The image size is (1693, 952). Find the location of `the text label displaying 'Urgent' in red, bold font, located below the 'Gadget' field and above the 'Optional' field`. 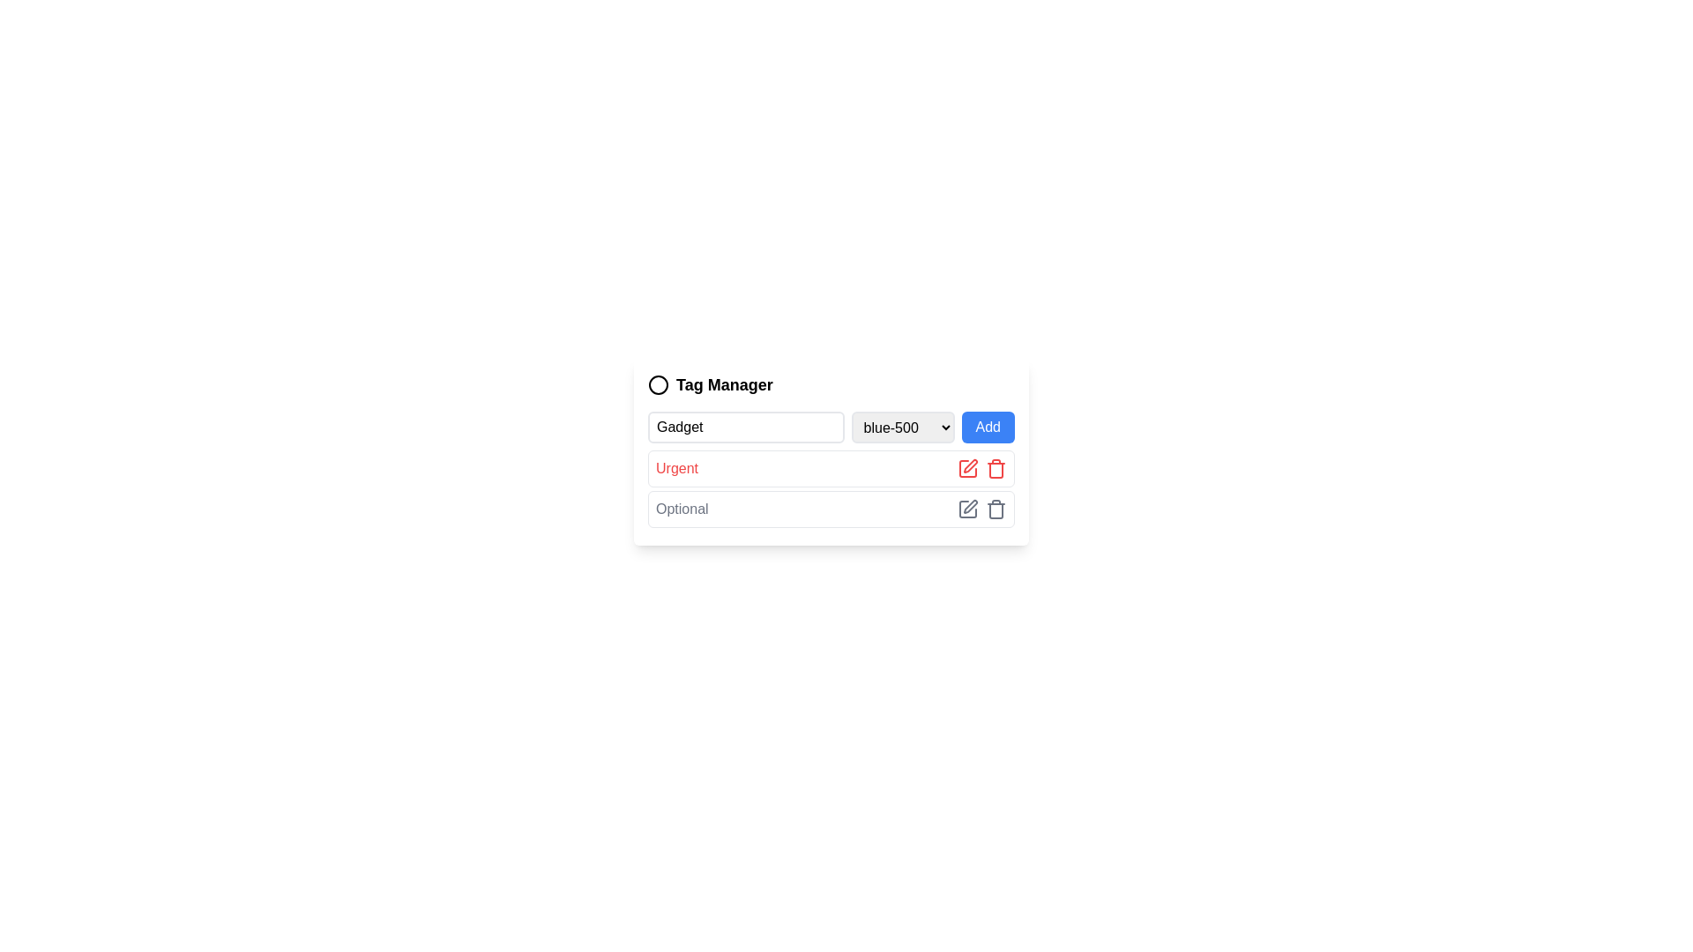

the text label displaying 'Urgent' in red, bold font, located below the 'Gadget' field and above the 'Optional' field is located at coordinates (676, 468).